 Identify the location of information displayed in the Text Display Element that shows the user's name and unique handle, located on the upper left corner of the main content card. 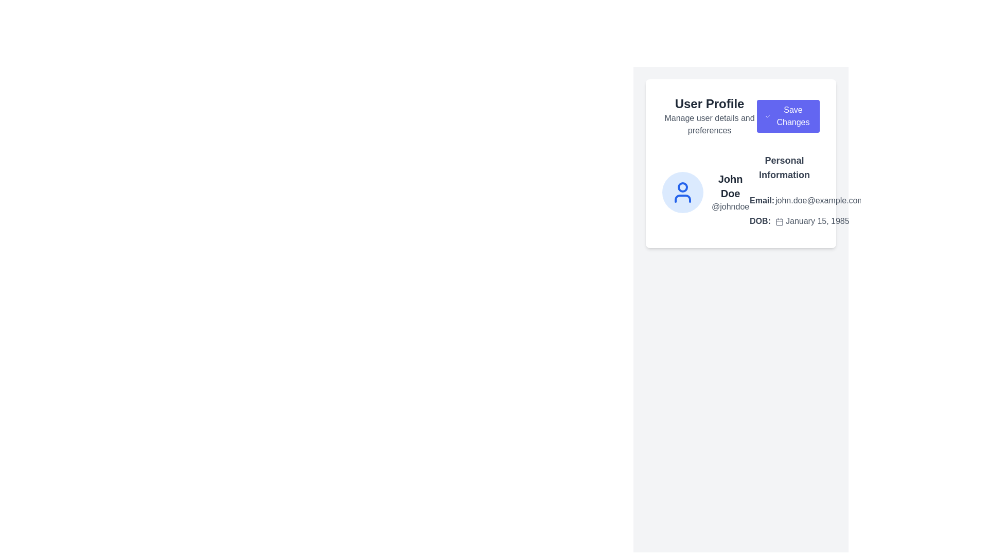
(730, 193).